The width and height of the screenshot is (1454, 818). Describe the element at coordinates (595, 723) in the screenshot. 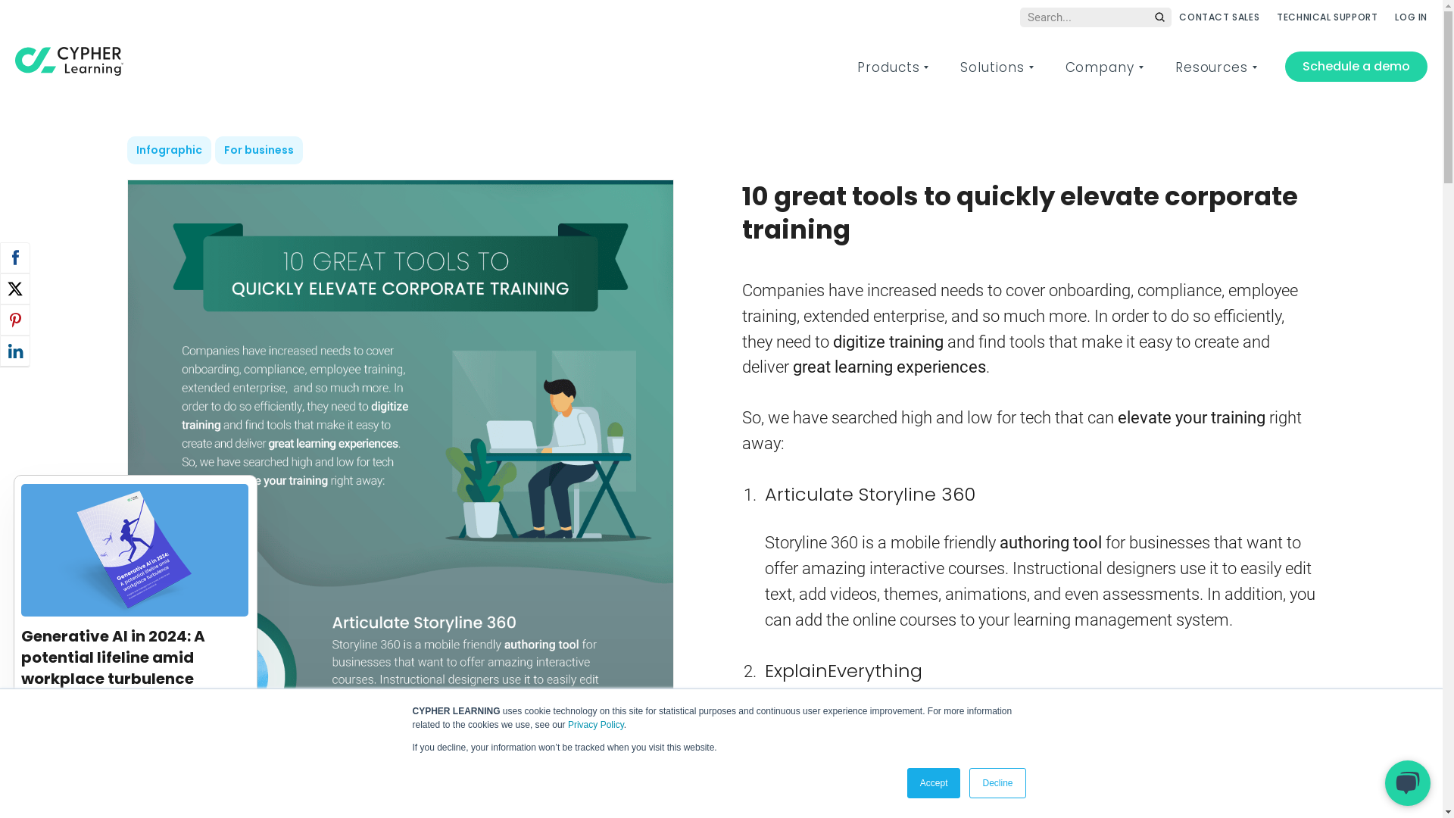

I see `'Privacy Policy'` at that location.